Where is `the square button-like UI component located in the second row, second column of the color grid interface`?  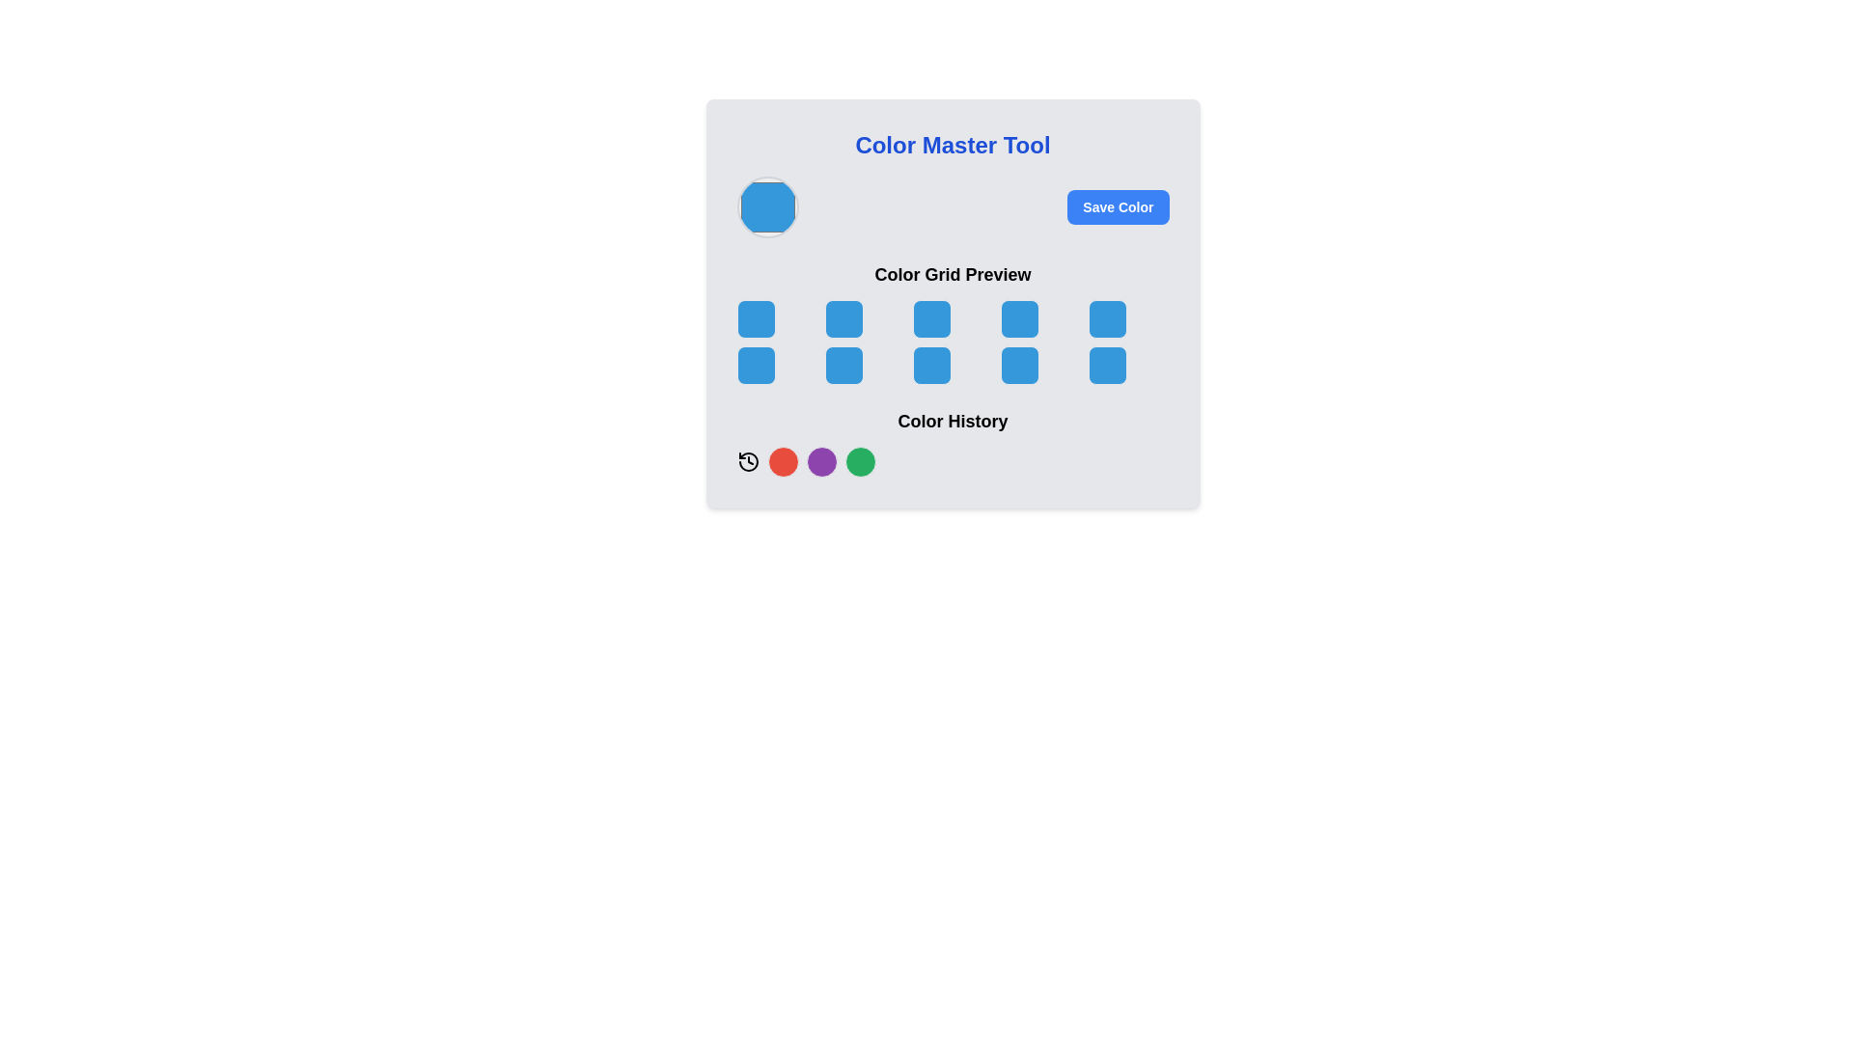
the square button-like UI component located in the second row, second column of the color grid interface is located at coordinates (844, 365).